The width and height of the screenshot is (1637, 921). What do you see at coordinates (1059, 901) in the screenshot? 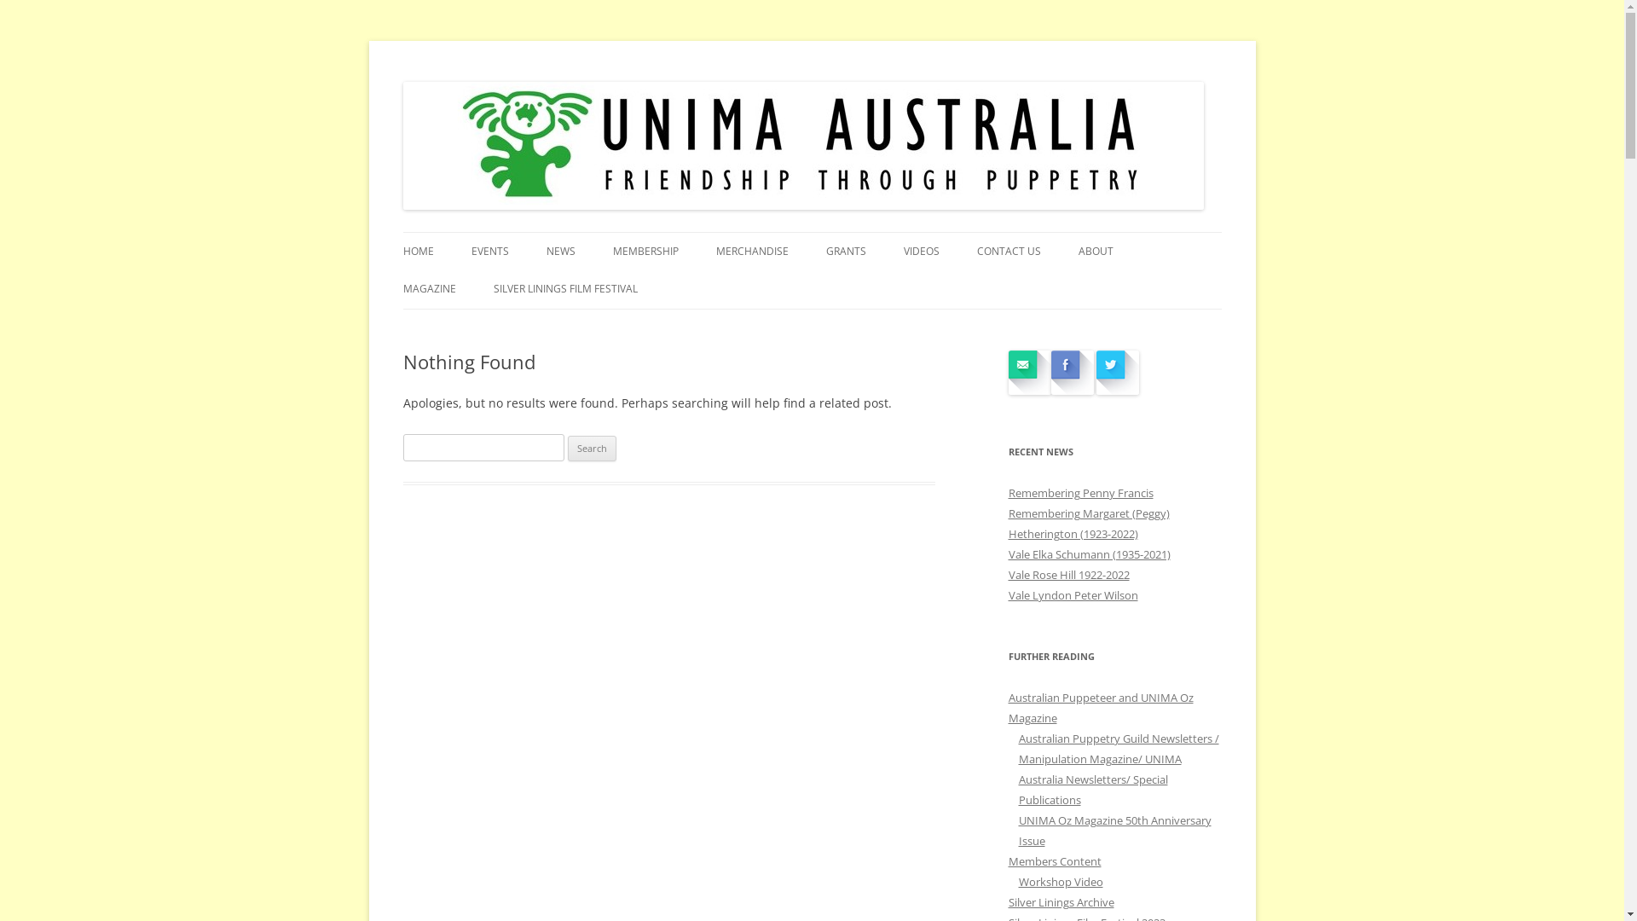
I see `'Silver Linings Archive'` at bounding box center [1059, 901].